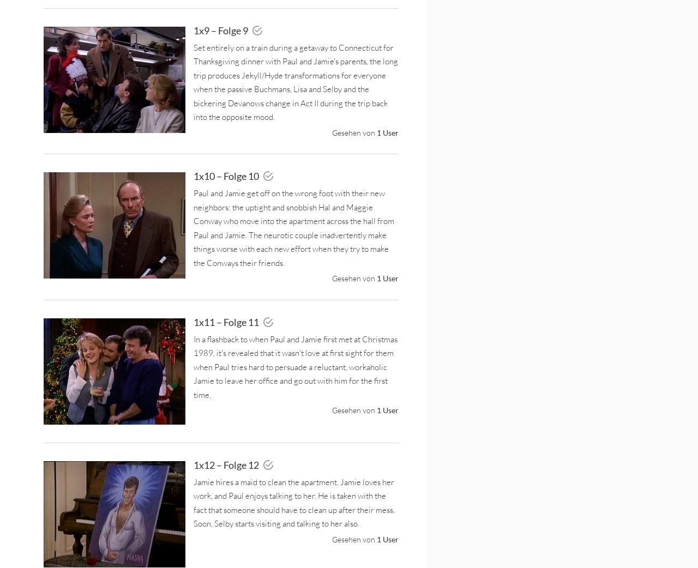 The width and height of the screenshot is (698, 568). Describe the element at coordinates (226, 464) in the screenshot. I see `'1x12 – Folge 12'` at that location.